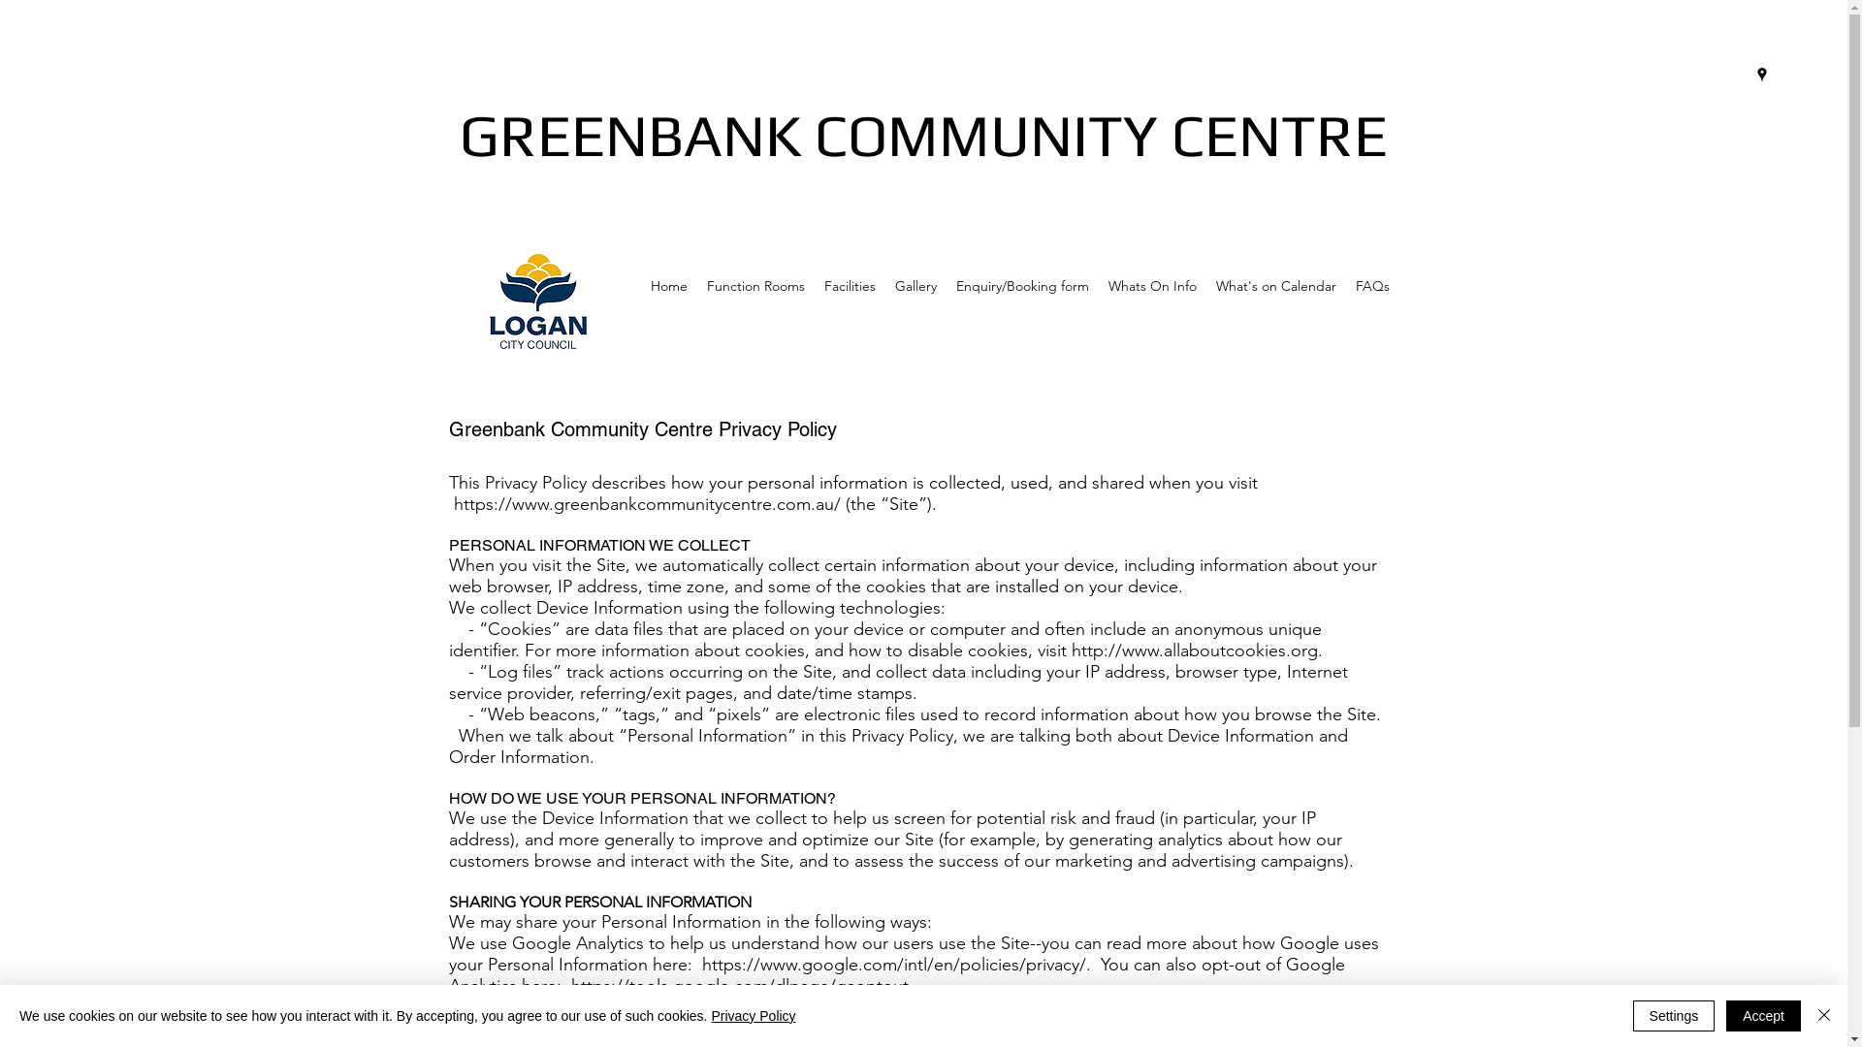  I want to click on 'Privacy Policy', so click(752, 1015).